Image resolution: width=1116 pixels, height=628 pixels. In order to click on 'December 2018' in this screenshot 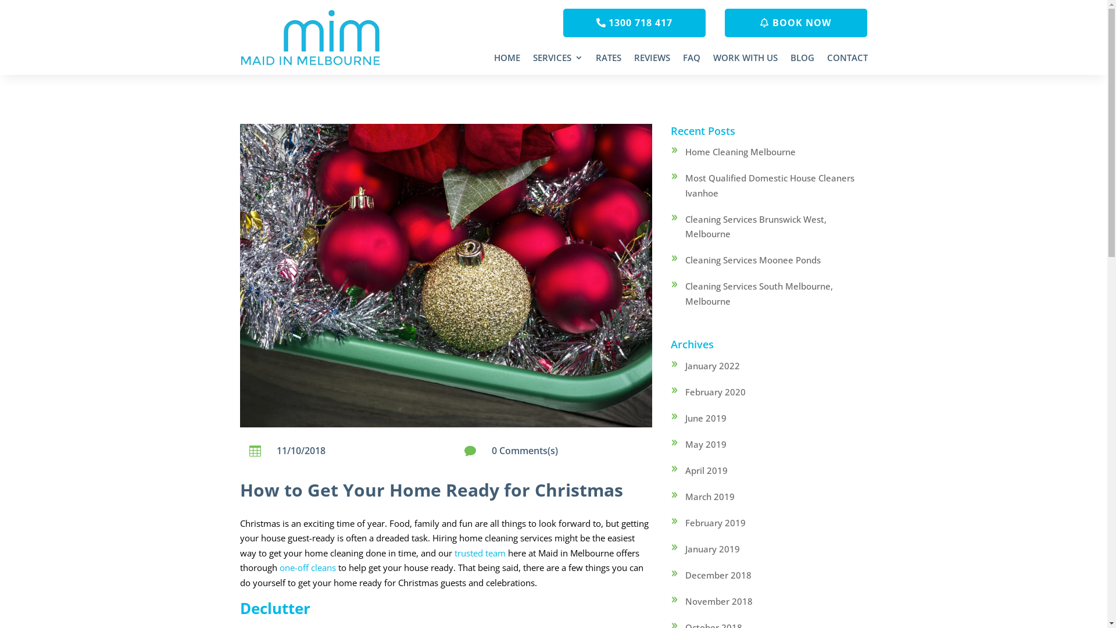, I will do `click(718, 574)`.